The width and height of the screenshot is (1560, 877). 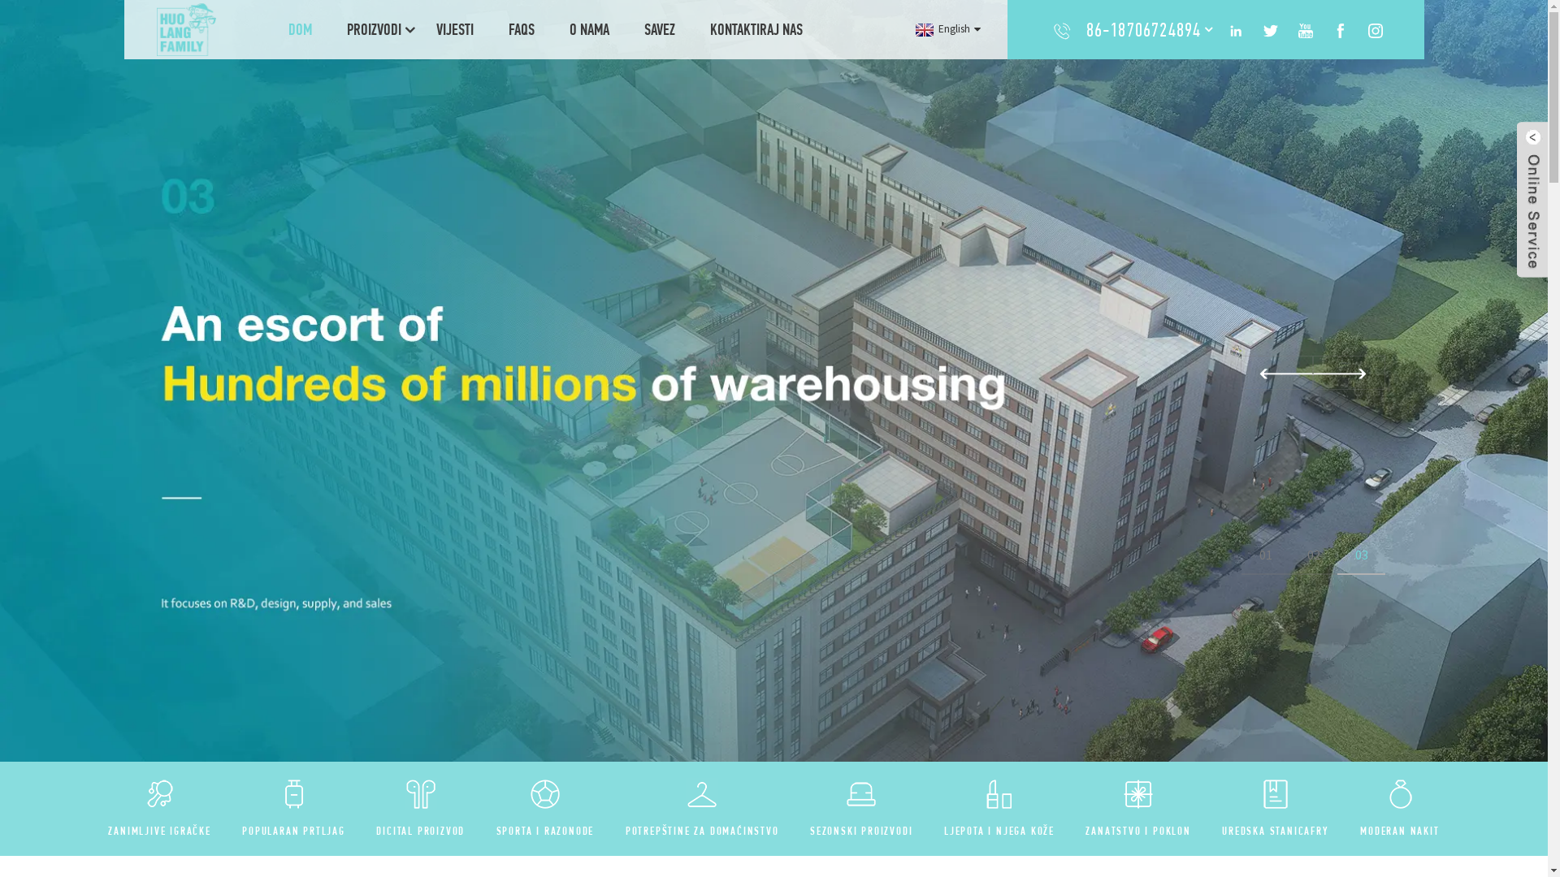 What do you see at coordinates (522, 28) in the screenshot?
I see `'FAQS'` at bounding box center [522, 28].